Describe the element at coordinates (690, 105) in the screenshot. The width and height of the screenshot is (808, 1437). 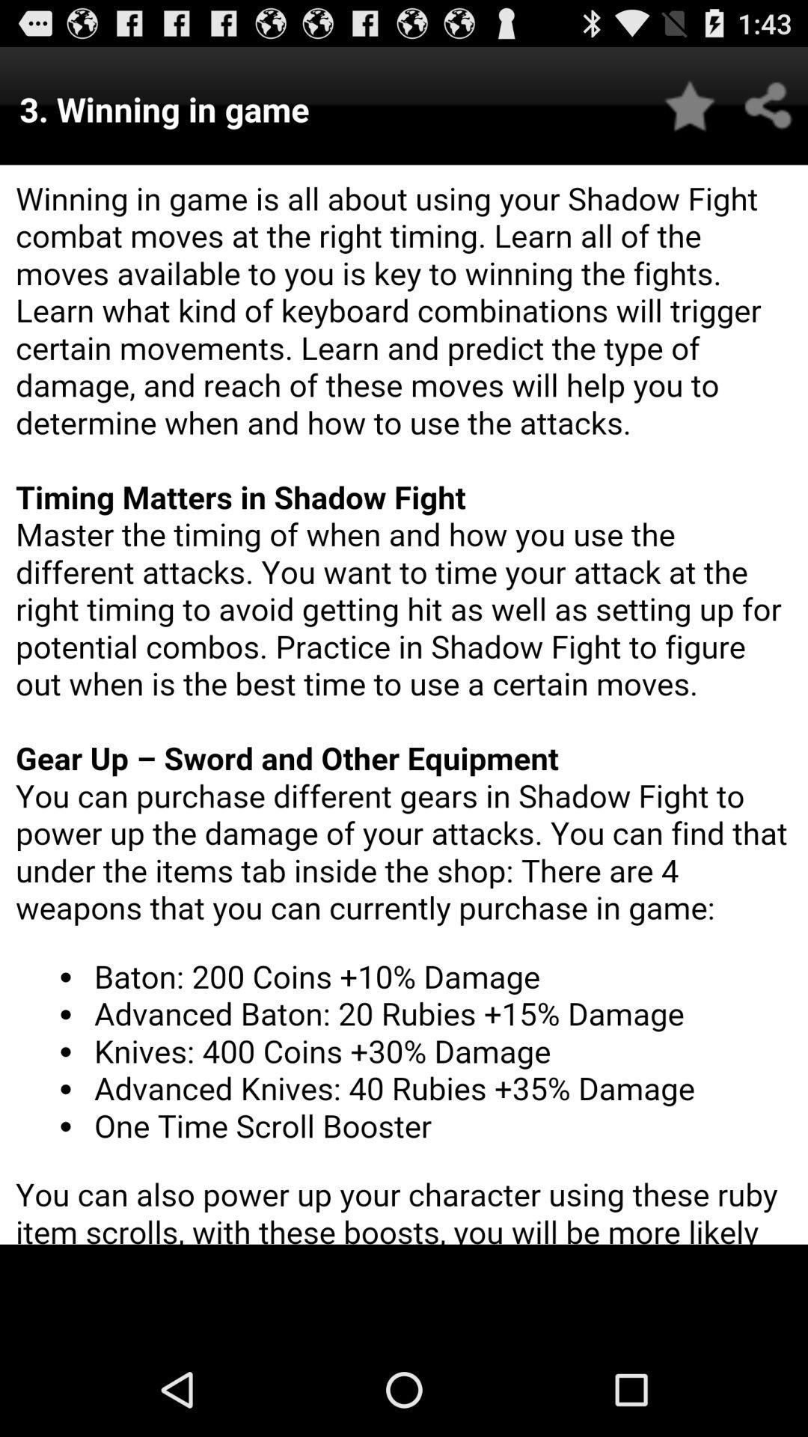
I see `favorite` at that location.